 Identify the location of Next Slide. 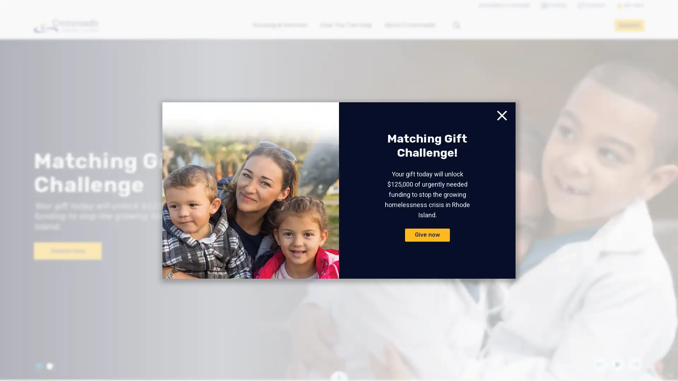
(635, 364).